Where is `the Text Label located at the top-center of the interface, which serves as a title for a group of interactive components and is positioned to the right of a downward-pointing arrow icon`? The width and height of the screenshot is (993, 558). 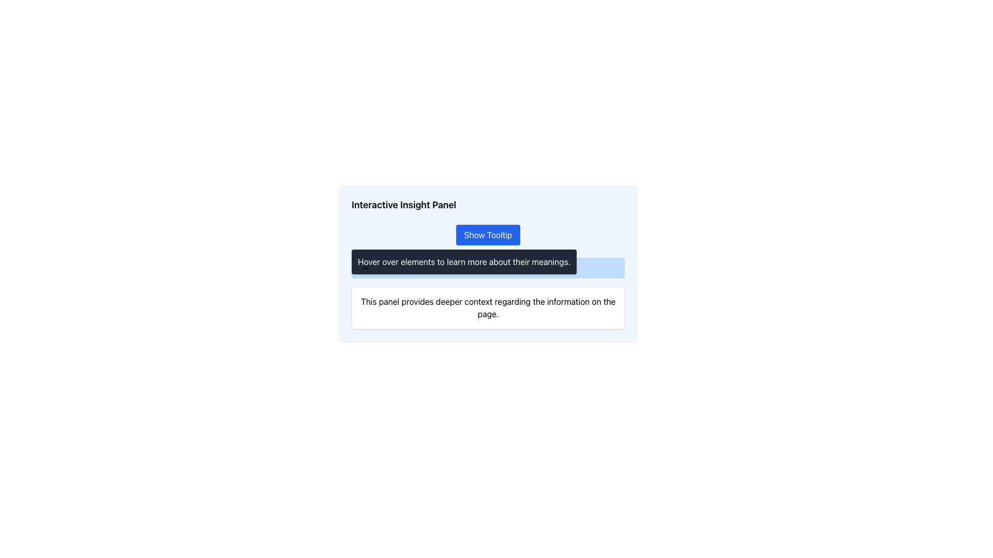
the Text Label located at the top-center of the interface, which serves as a title for a group of interactive components and is positioned to the right of a downward-pointing arrow icon is located at coordinates (410, 268).